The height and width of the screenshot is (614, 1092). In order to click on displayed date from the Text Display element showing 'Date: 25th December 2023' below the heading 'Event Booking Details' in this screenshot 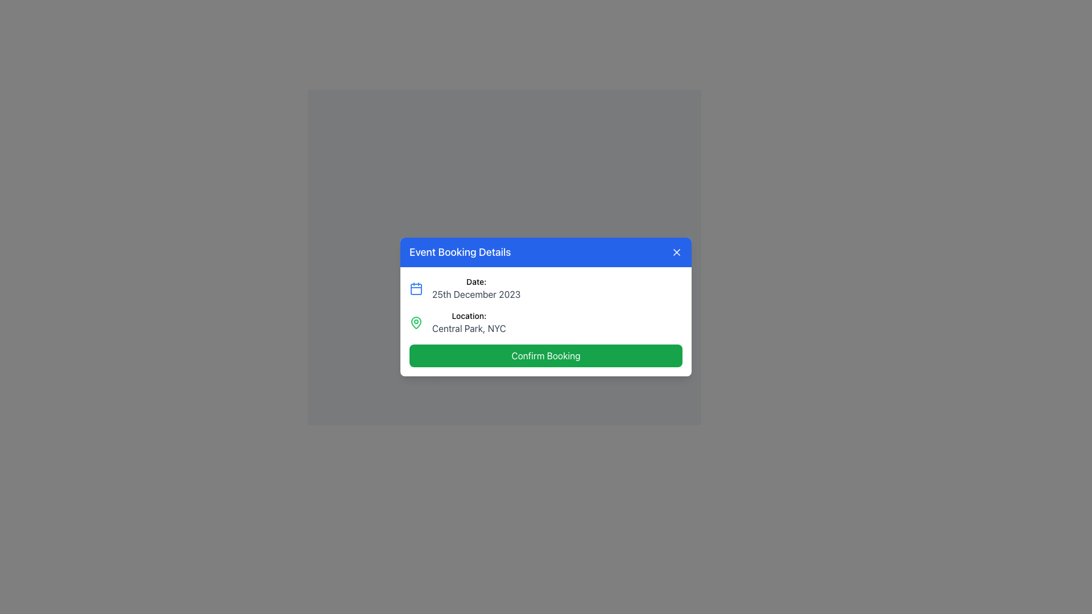, I will do `click(476, 288)`.